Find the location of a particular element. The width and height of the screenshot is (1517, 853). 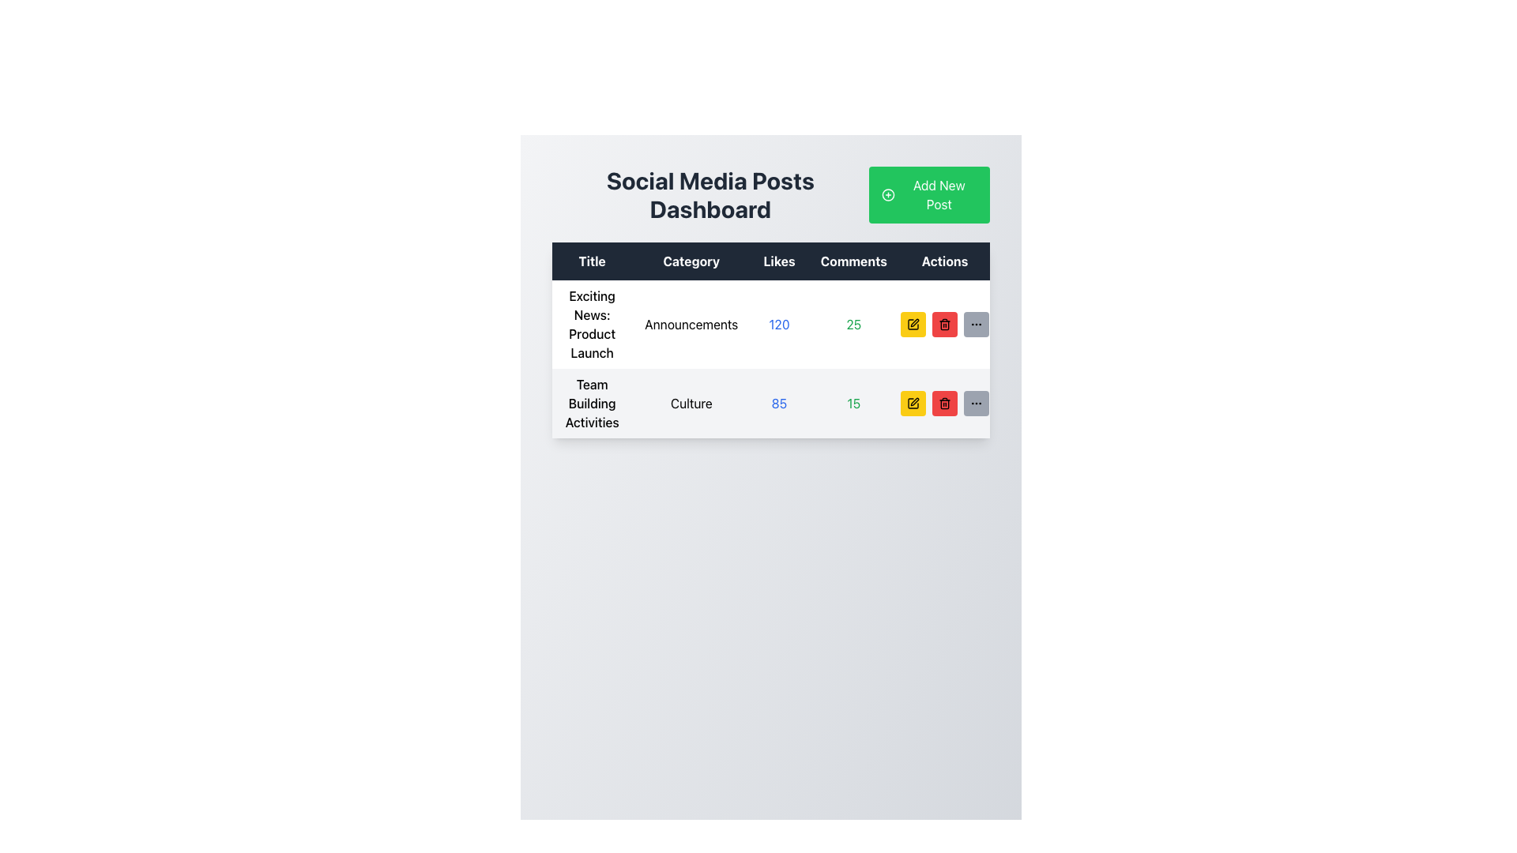

the textual content block that reads 'Exciting News: Product Launch' is located at coordinates (591, 324).